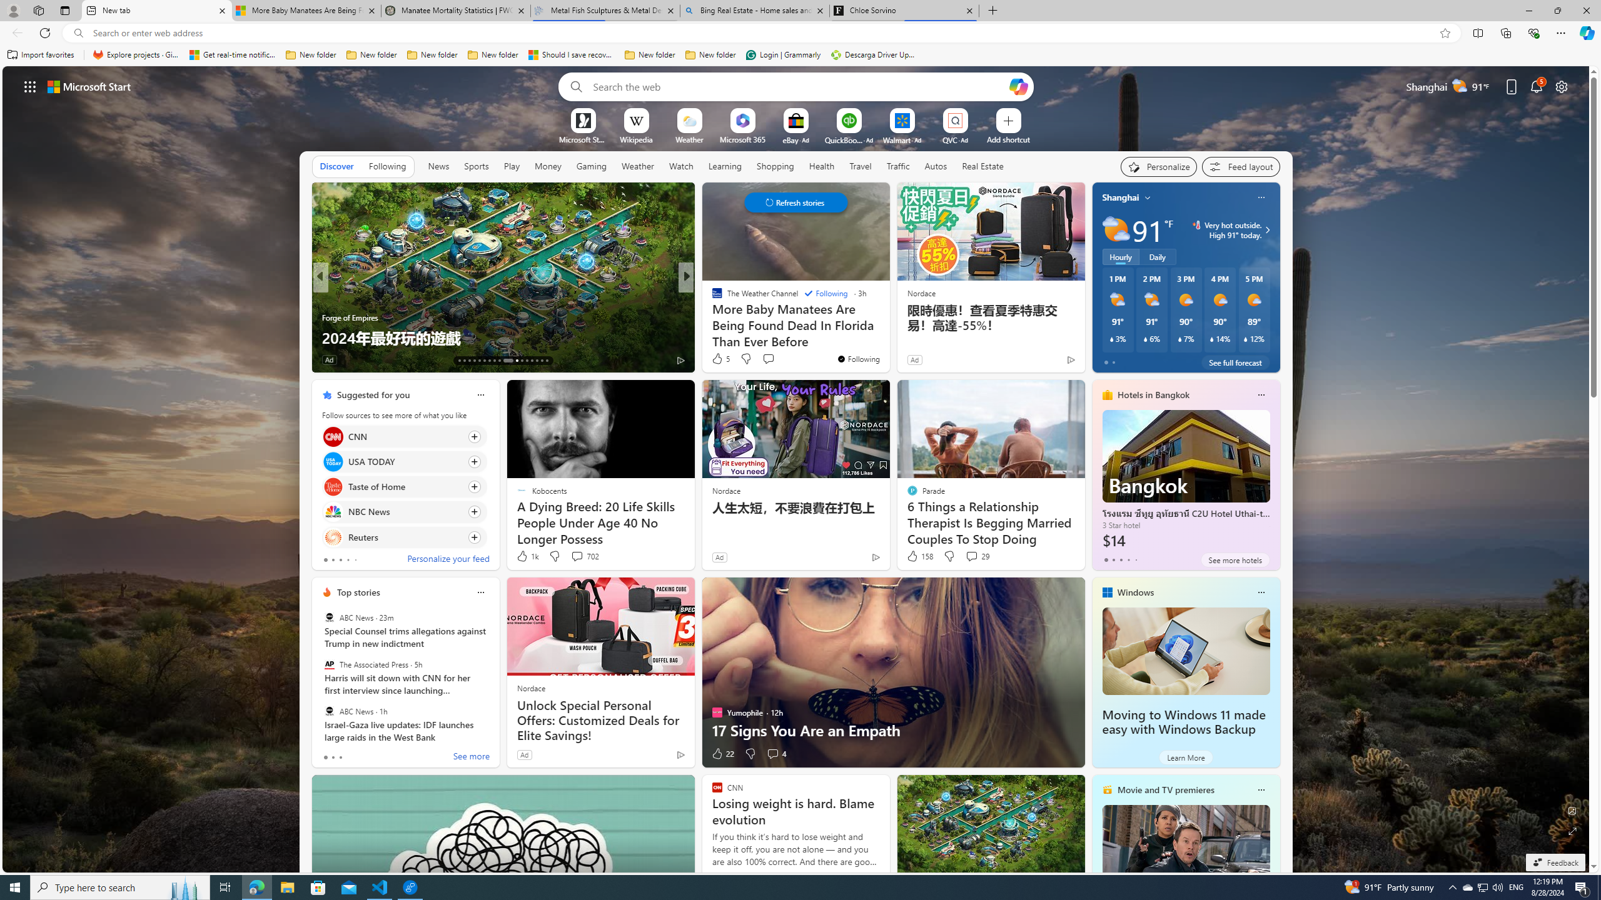 This screenshot has width=1601, height=900. Describe the element at coordinates (1007, 139) in the screenshot. I see `'Add a site'` at that location.